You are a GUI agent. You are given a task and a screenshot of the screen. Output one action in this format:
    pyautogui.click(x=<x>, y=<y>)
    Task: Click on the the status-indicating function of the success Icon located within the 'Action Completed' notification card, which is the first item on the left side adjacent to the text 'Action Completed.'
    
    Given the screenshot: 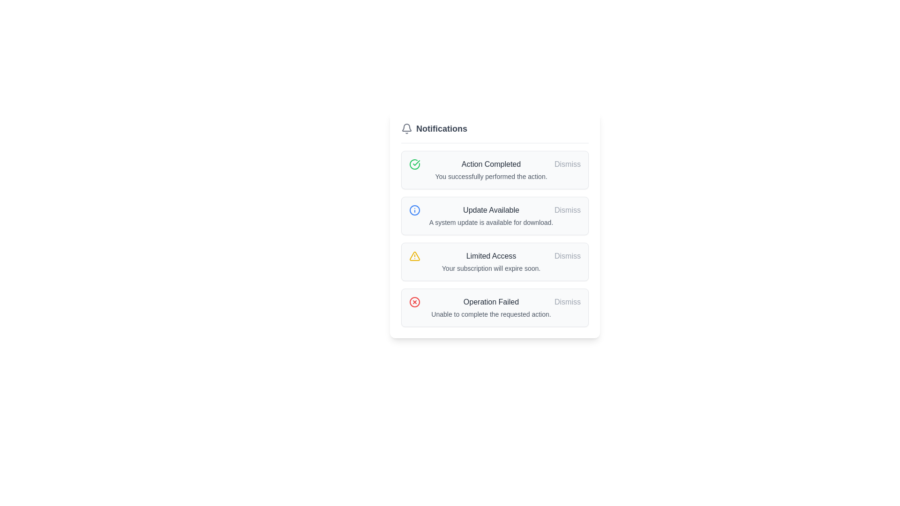 What is the action you would take?
    pyautogui.click(x=414, y=164)
    